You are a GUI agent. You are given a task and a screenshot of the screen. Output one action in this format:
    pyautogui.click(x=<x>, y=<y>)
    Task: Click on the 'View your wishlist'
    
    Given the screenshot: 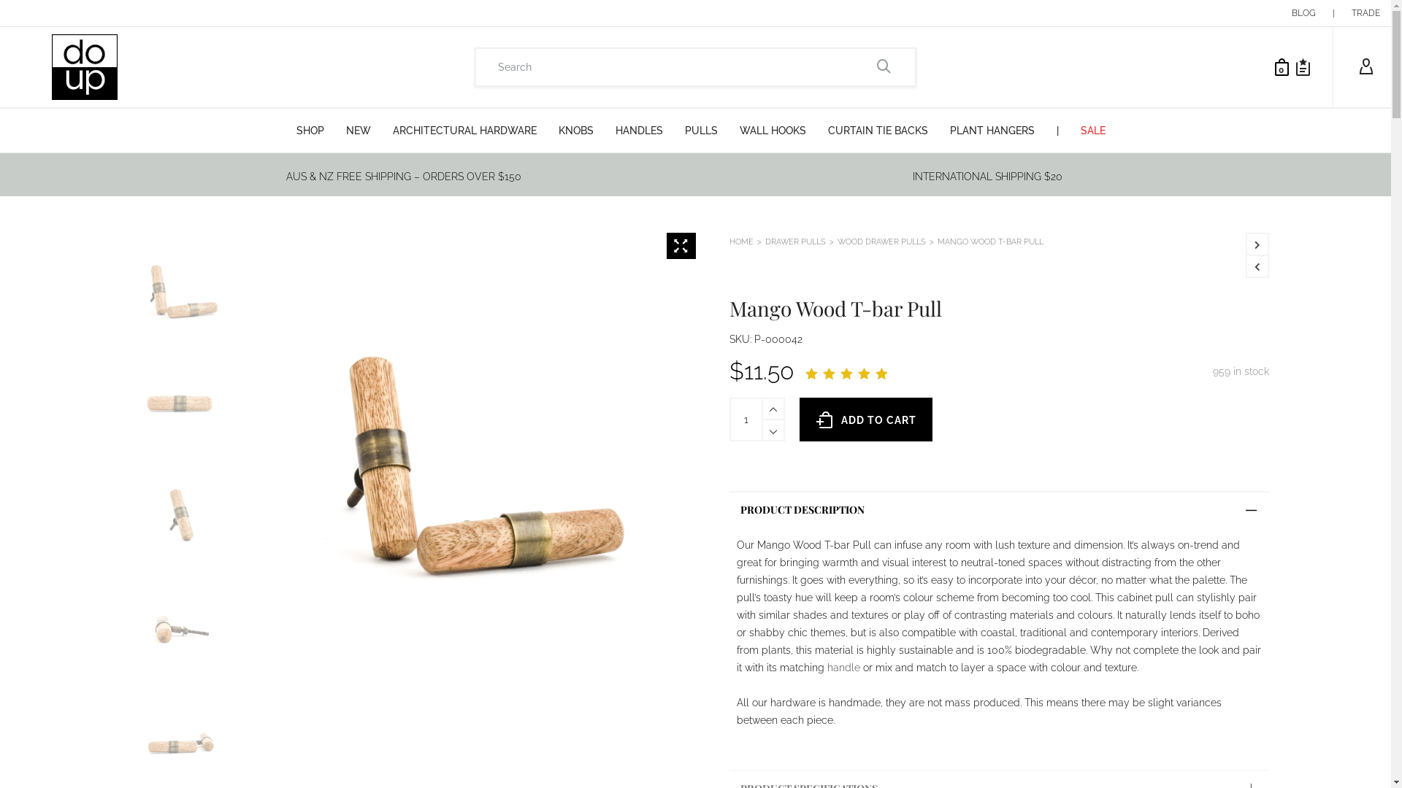 What is the action you would take?
    pyautogui.click(x=1303, y=67)
    